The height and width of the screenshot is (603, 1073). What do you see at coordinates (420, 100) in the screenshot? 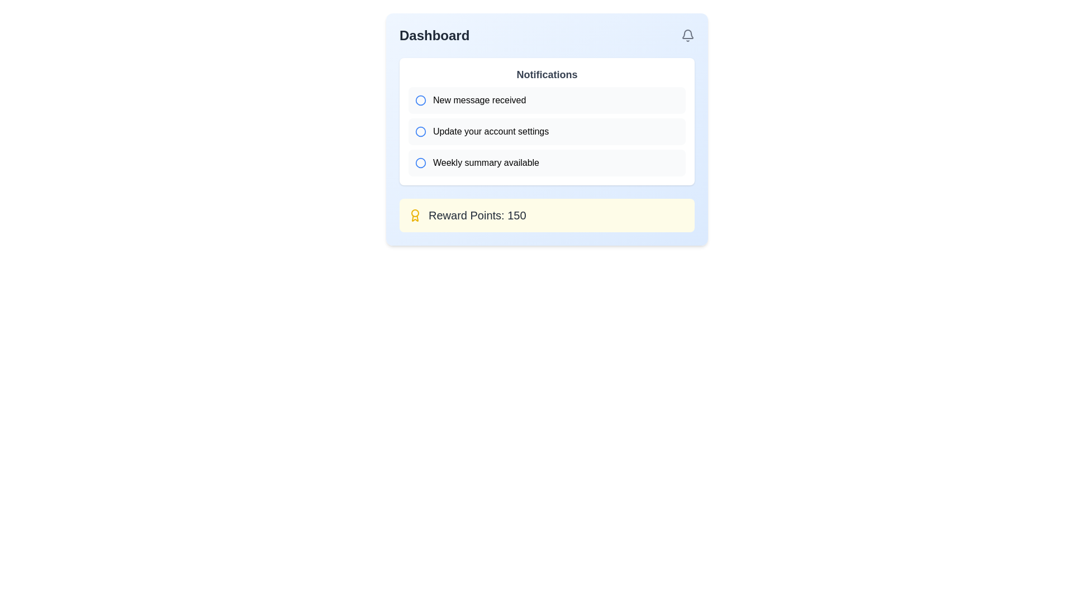
I see `the SVG circle that serves as a visual marker for the first notification item in the 'Notifications' dashboard` at bounding box center [420, 100].